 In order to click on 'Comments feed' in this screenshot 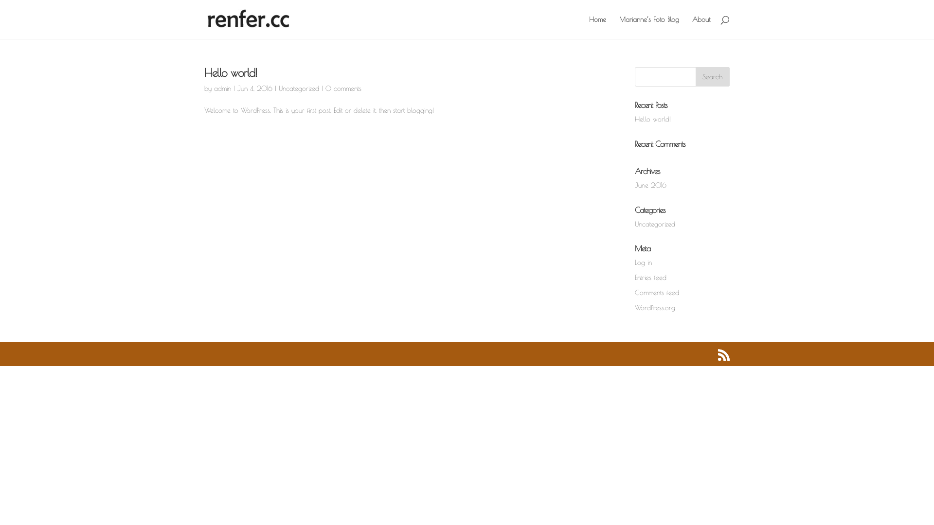, I will do `click(635, 292)`.